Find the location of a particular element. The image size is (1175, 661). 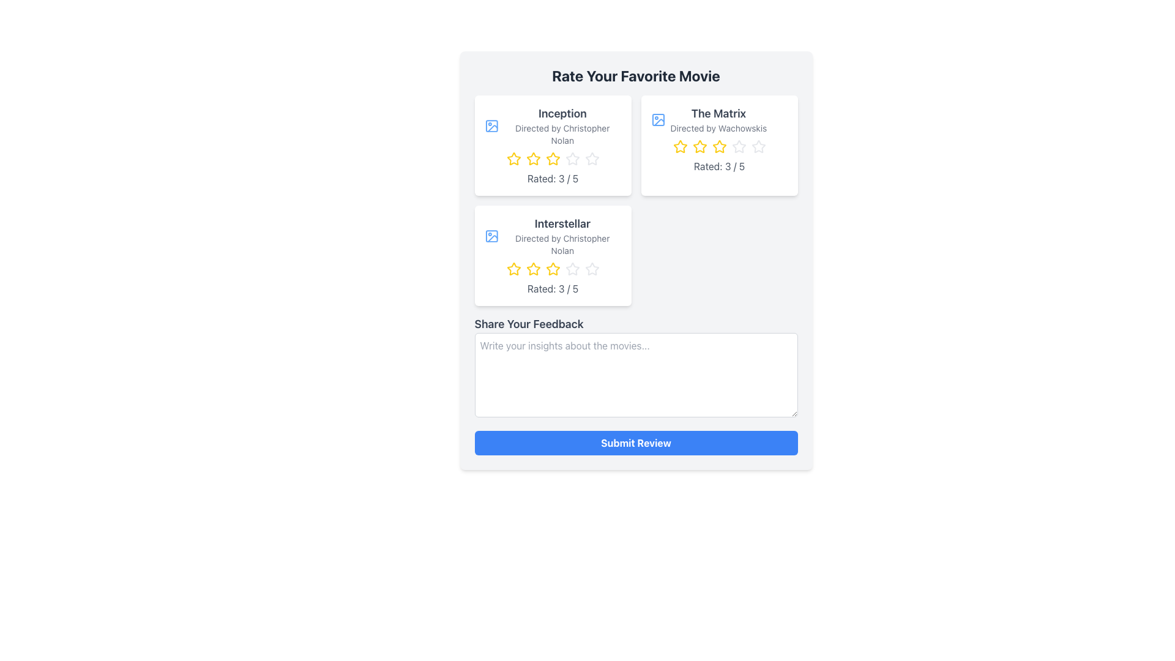

the third star in the top-right rating row for the movie 'The Matrix' is located at coordinates (719, 146).